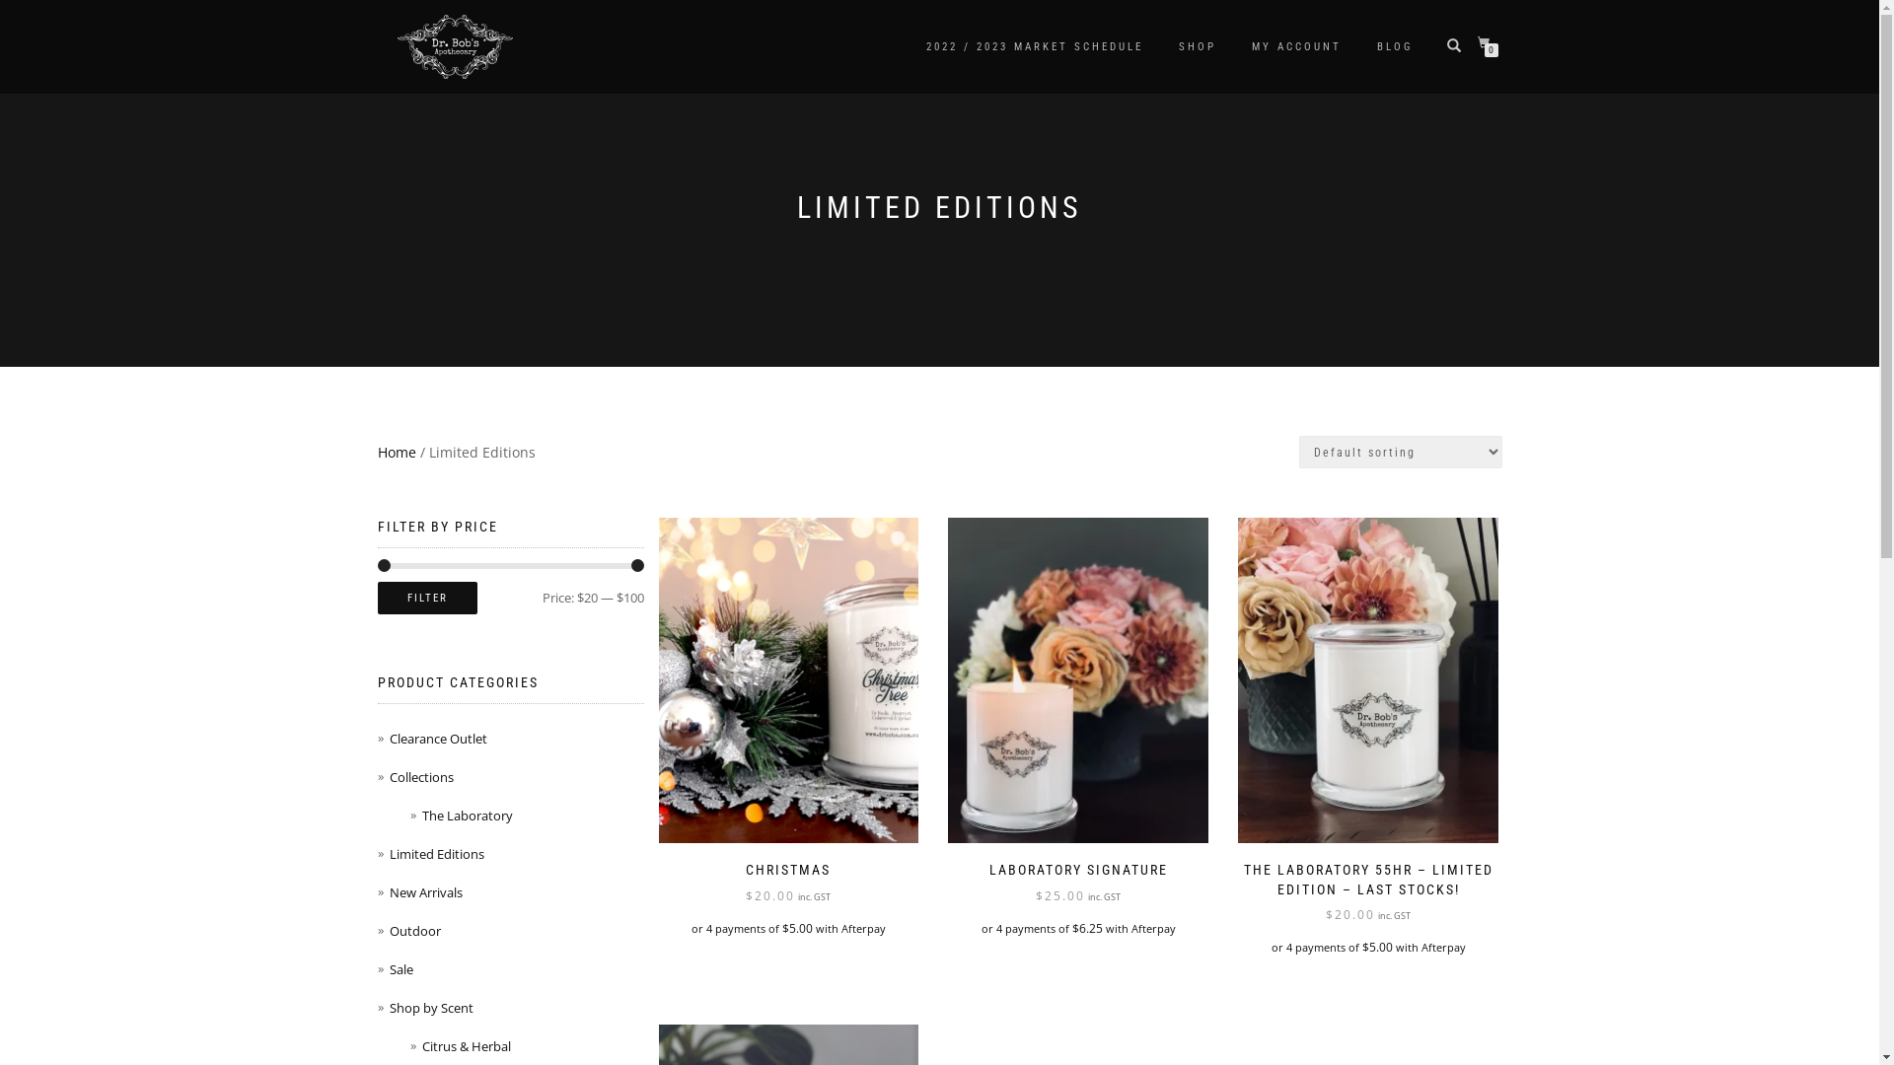  I want to click on 'The Laboratory', so click(420, 815).